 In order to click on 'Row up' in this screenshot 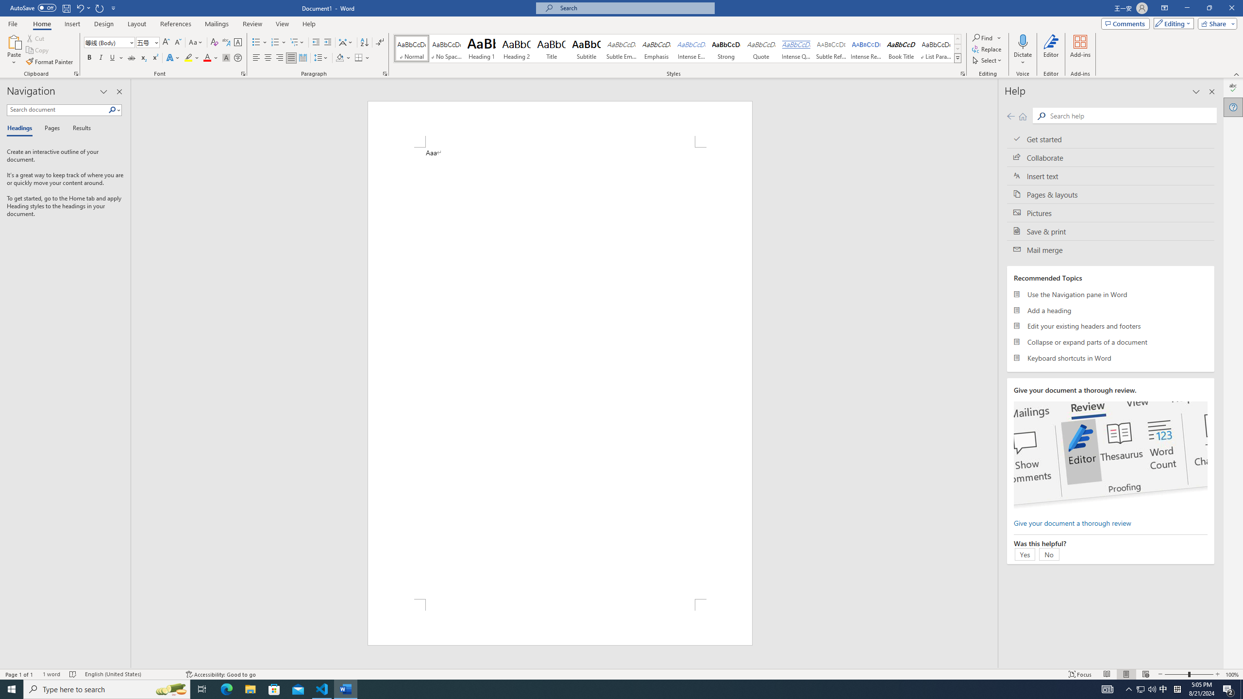, I will do `click(957, 39)`.